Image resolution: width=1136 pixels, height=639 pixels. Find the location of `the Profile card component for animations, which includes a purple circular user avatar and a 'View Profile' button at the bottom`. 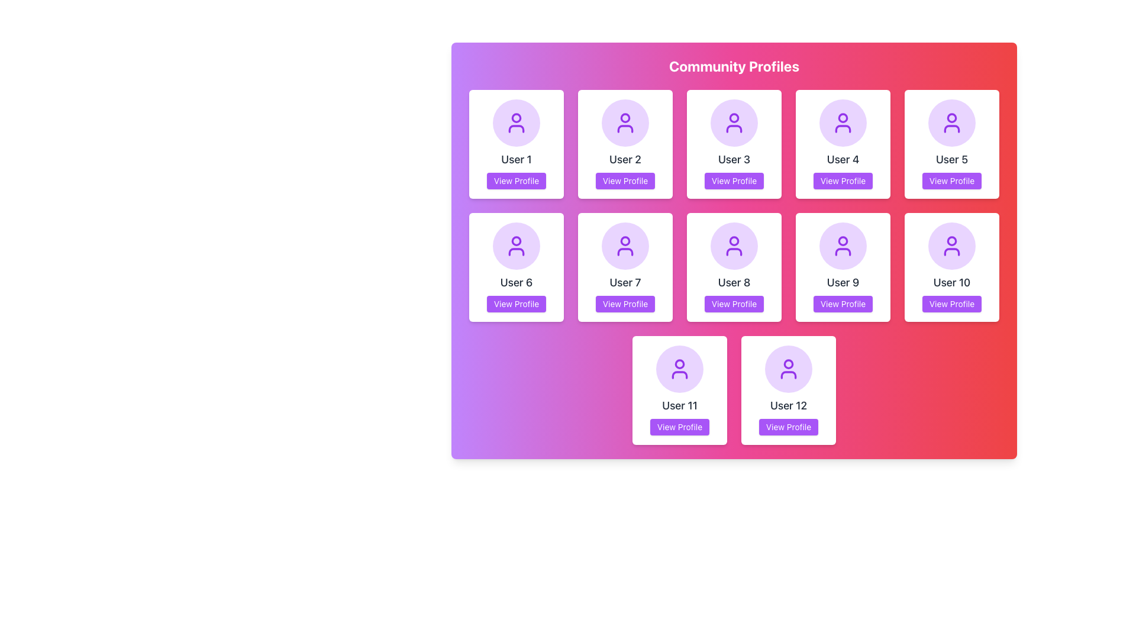

the Profile card component for animations, which includes a purple circular user avatar and a 'View Profile' button at the bottom is located at coordinates (843, 267).